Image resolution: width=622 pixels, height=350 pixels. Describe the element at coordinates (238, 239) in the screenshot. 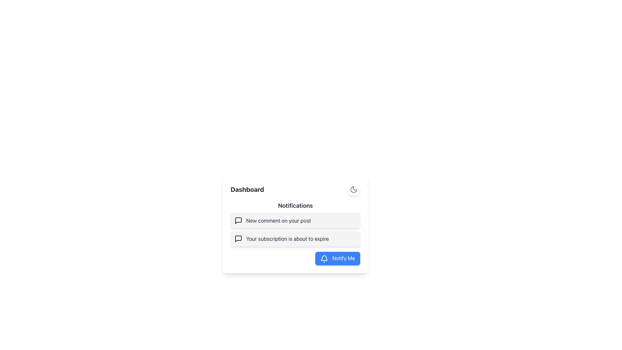

I see `the icon that represents the notification category, located to the left of the title 'Your subscription is about to expire'` at that location.